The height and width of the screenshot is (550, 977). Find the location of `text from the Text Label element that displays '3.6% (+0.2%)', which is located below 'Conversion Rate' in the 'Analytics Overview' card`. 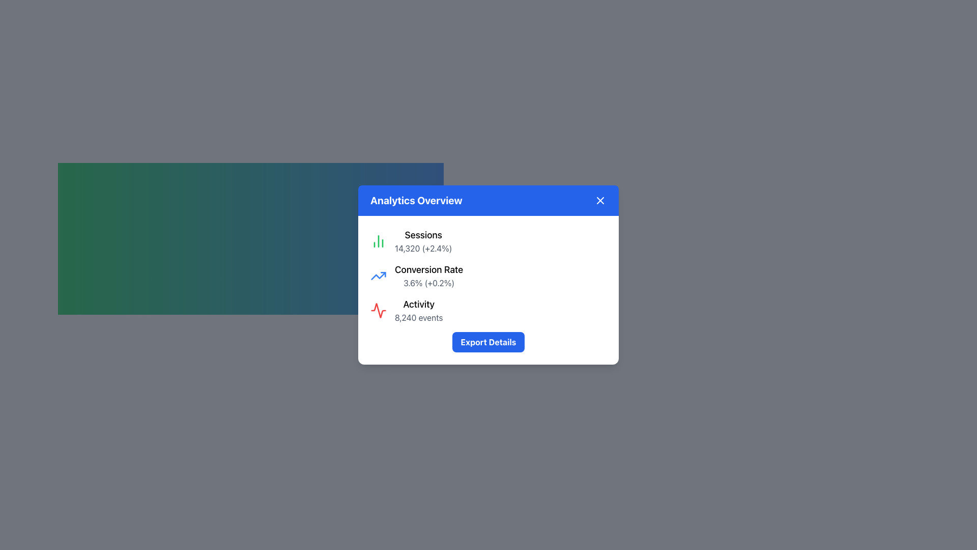

text from the Text Label element that displays '3.6% (+0.2%)', which is located below 'Conversion Rate' in the 'Analytics Overview' card is located at coordinates (429, 283).